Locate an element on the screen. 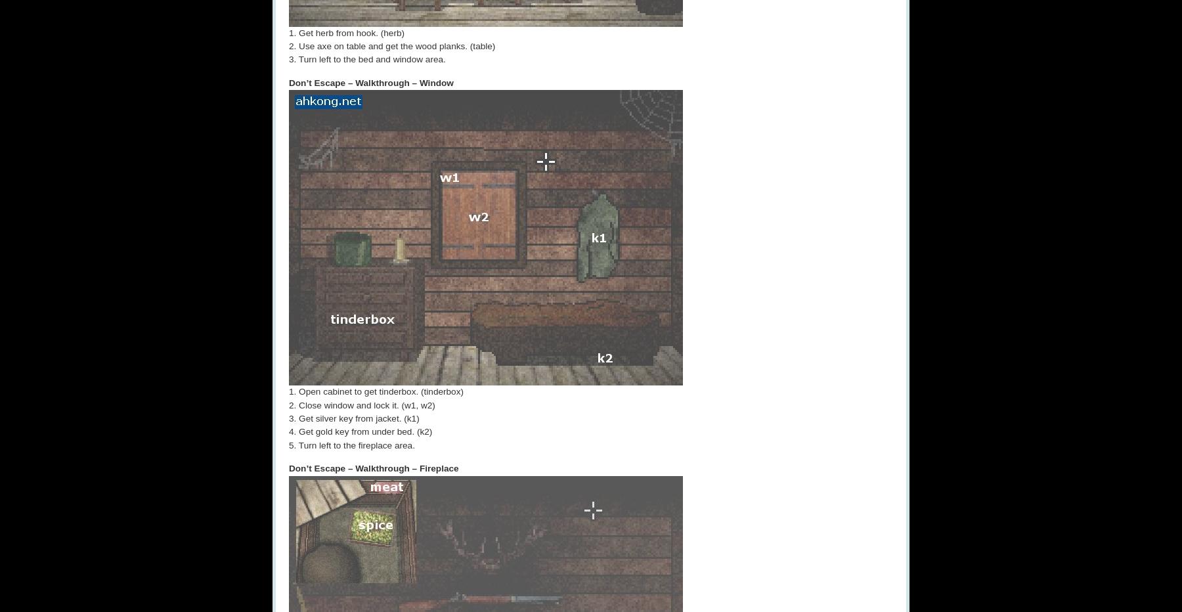 Image resolution: width=1182 pixels, height=612 pixels. '1. Get herb from hook. (herb)' is located at coordinates (345, 32).